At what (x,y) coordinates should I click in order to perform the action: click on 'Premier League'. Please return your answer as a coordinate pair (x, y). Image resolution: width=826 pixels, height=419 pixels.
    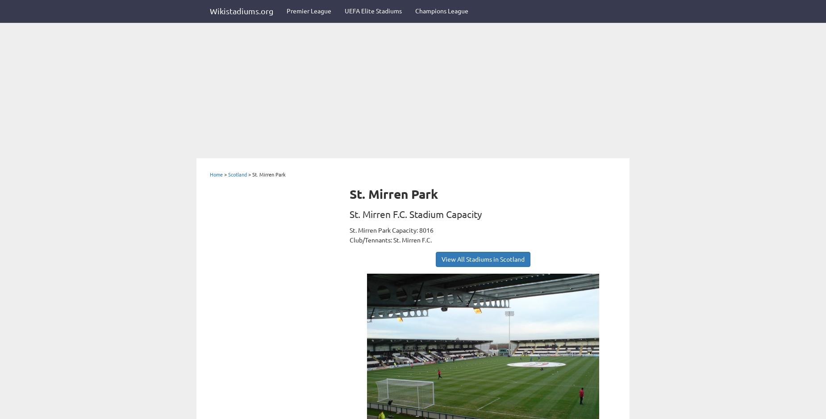
    Looking at the image, I should click on (309, 11).